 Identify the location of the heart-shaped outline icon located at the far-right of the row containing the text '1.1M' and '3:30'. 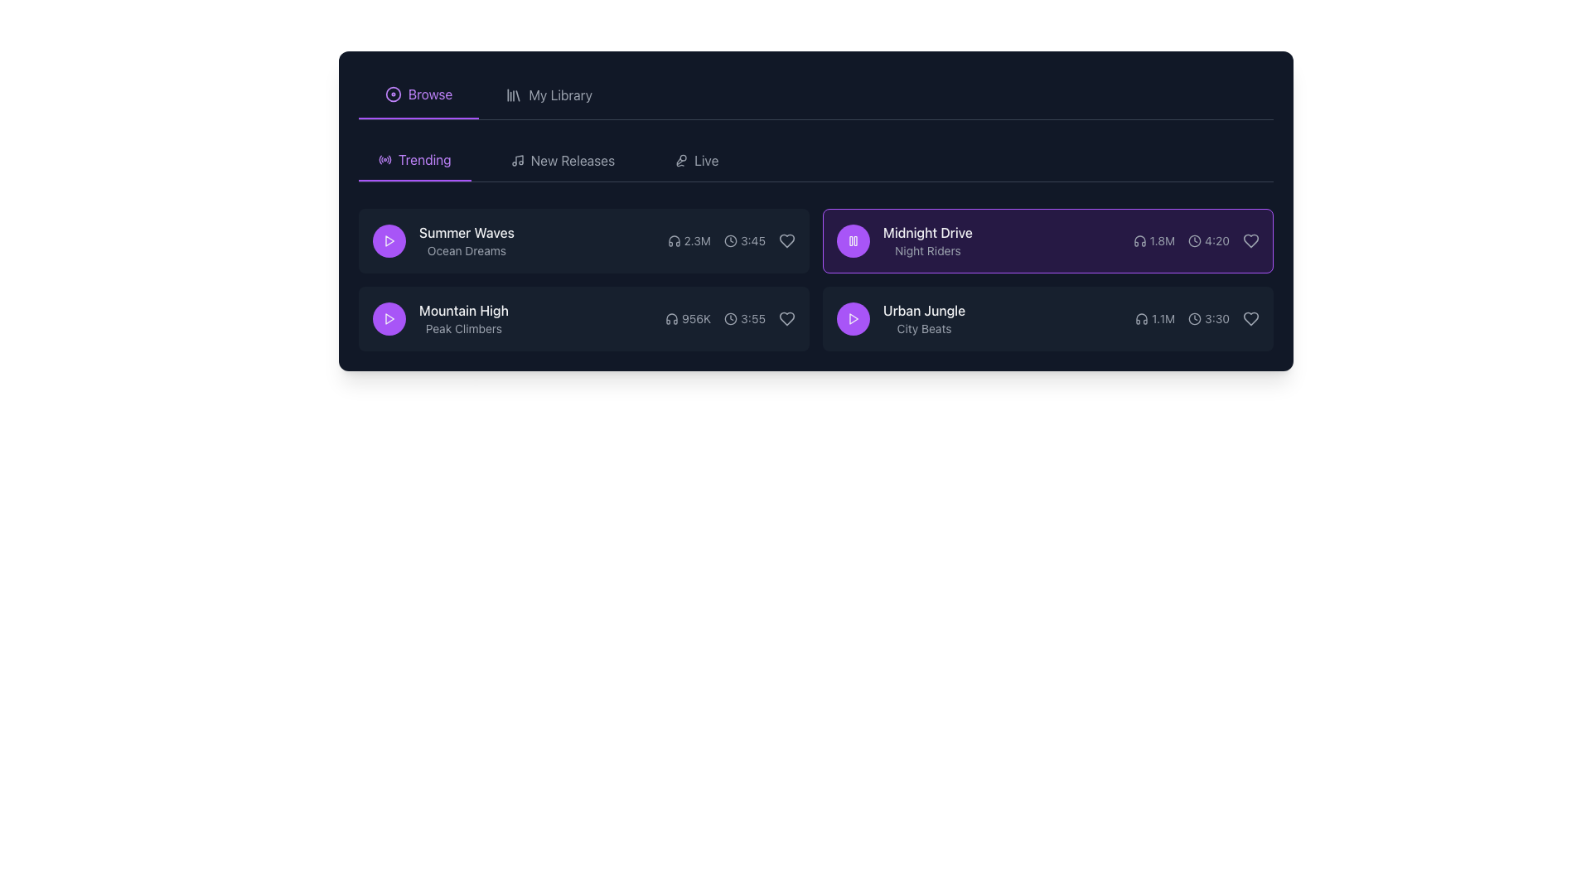
(1251, 319).